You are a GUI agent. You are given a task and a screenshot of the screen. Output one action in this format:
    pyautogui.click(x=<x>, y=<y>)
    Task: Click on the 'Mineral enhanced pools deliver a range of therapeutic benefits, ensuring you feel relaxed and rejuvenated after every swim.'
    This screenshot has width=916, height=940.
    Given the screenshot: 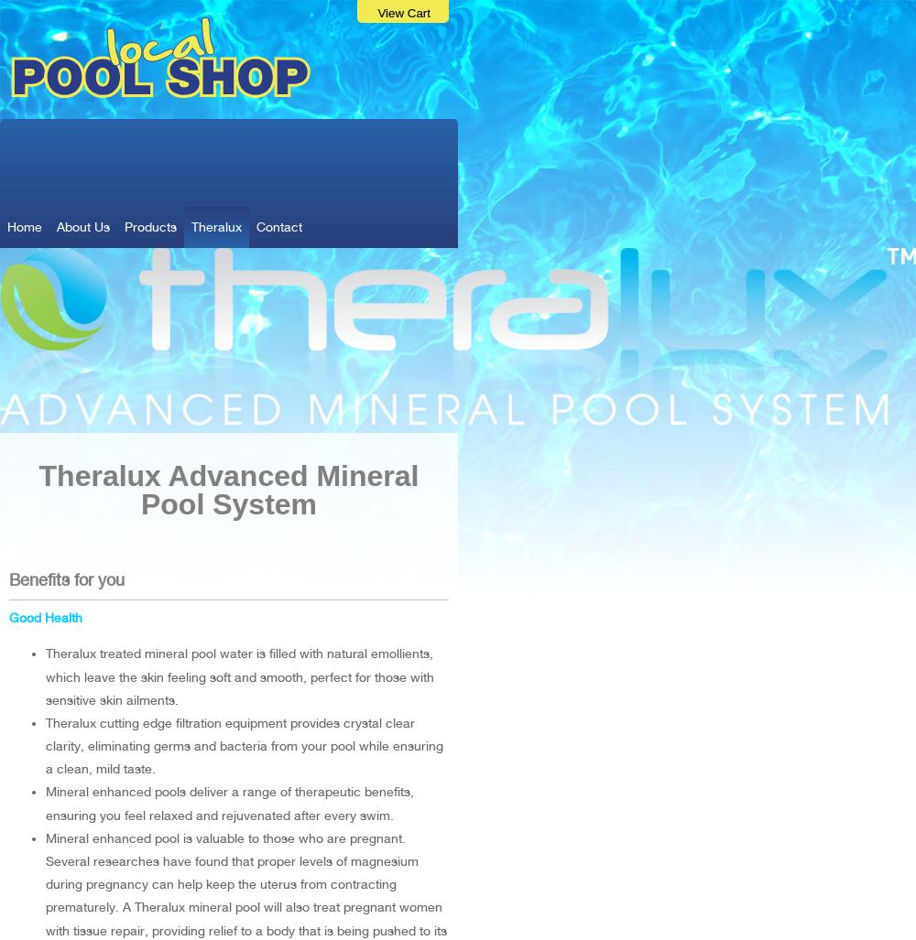 What is the action you would take?
    pyautogui.click(x=230, y=802)
    